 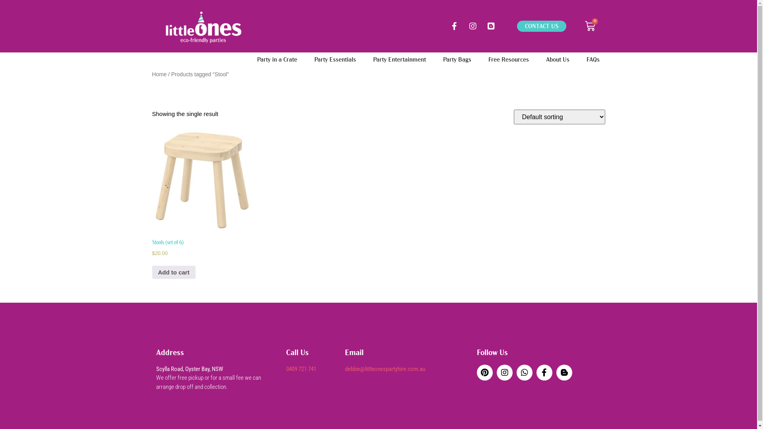 I want to click on 'Party Entertainment', so click(x=399, y=59).